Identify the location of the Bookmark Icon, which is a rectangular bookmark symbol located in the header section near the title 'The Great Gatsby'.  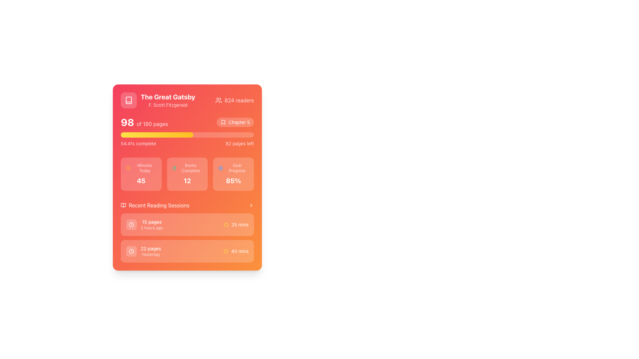
(223, 122).